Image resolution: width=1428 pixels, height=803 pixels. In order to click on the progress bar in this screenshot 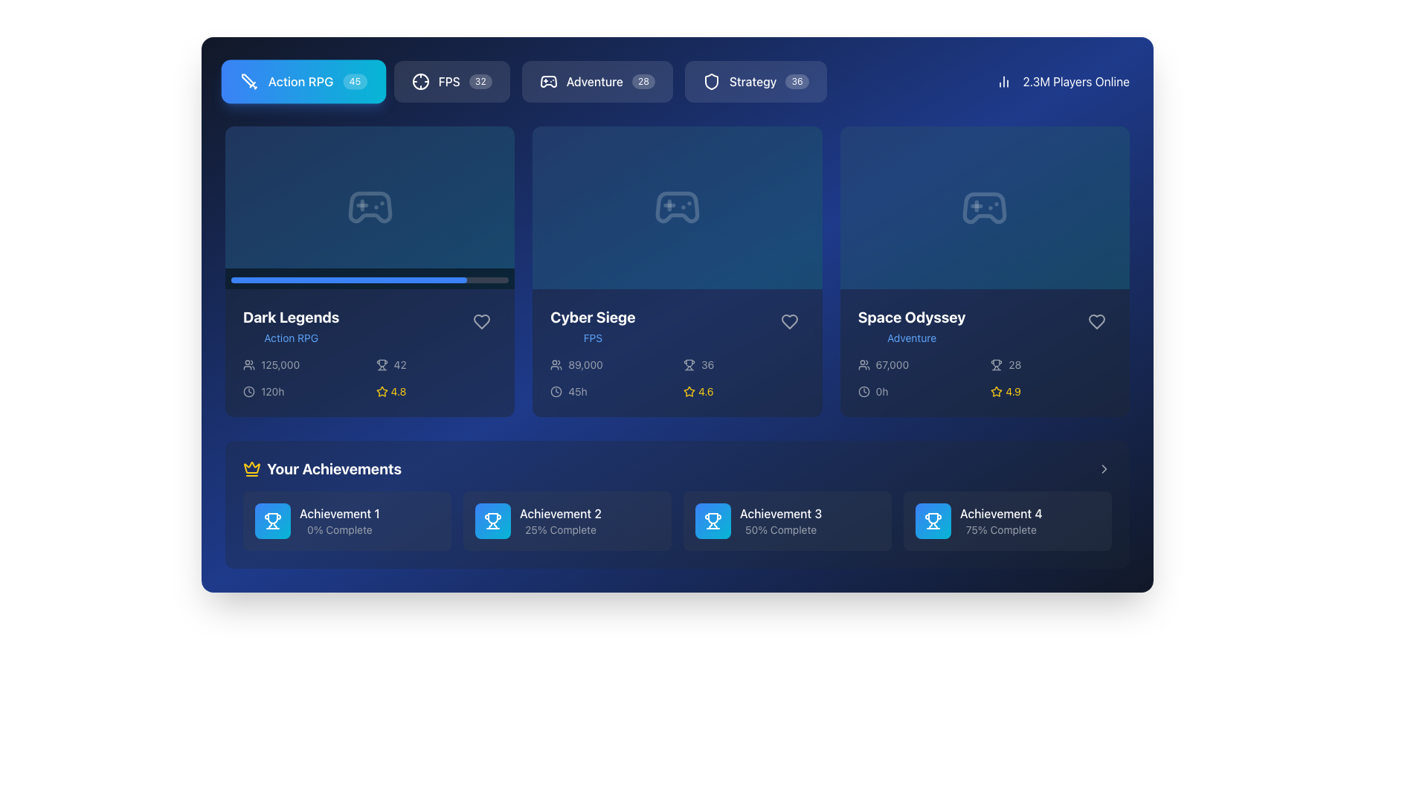, I will do `click(386, 279)`.